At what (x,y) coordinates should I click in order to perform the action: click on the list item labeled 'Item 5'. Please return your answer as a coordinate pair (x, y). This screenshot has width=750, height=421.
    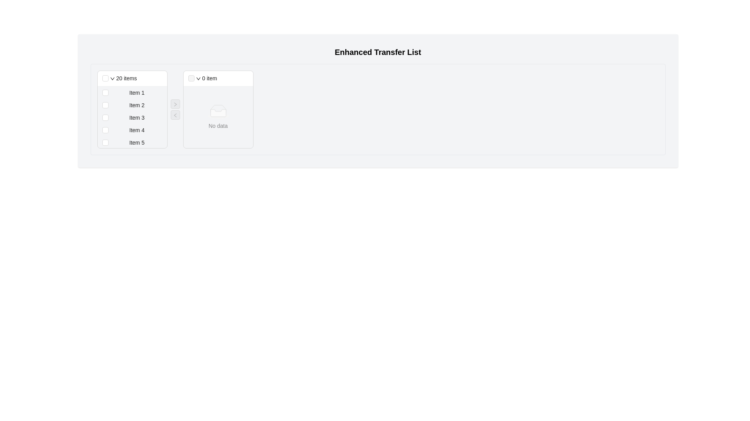
    Looking at the image, I should click on (132, 143).